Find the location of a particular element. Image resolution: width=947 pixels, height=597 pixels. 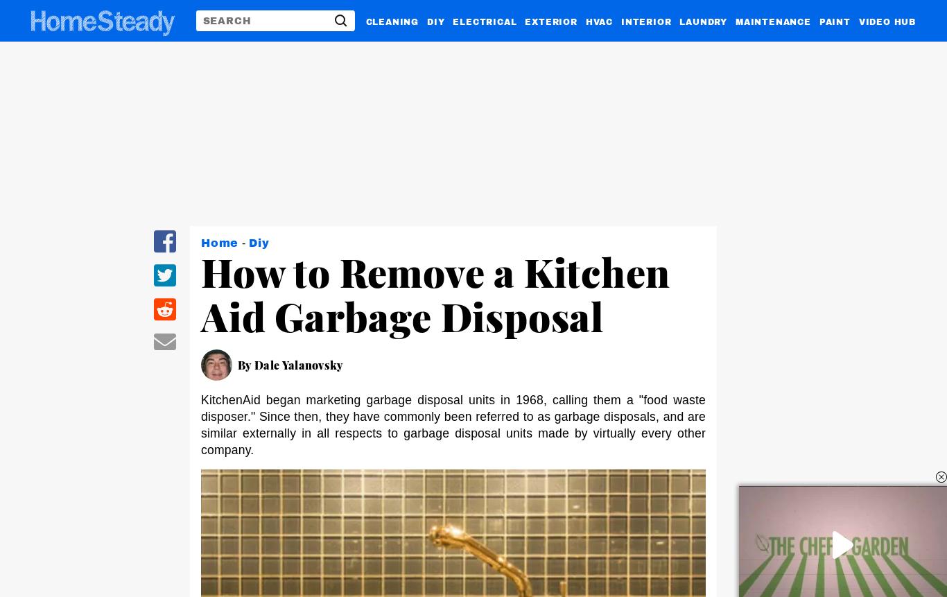

'INTERIOR' is located at coordinates (645, 21).